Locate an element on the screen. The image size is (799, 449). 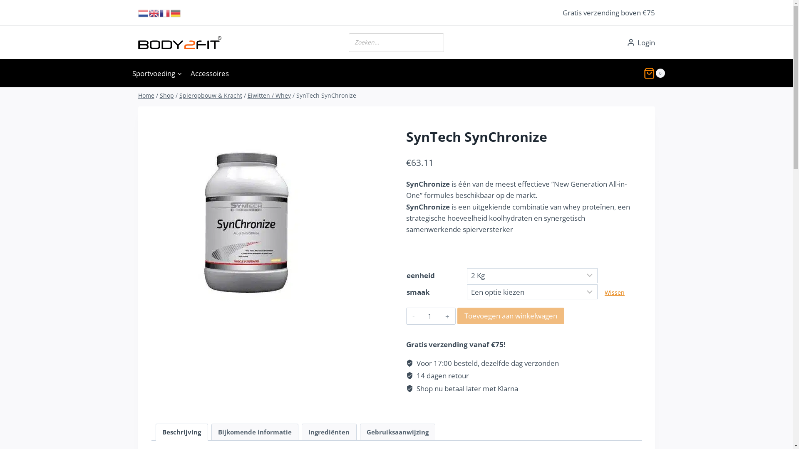
'SynChronize-Syntech' is located at coordinates (248, 216).